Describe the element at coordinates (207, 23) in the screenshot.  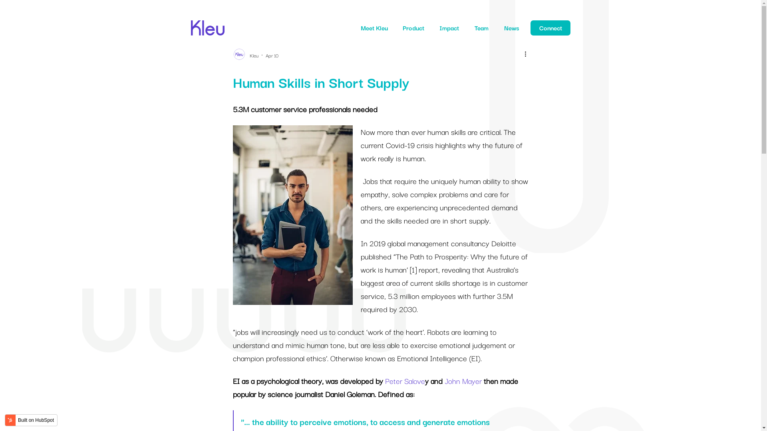
I see `'KleuAustralia'` at that location.